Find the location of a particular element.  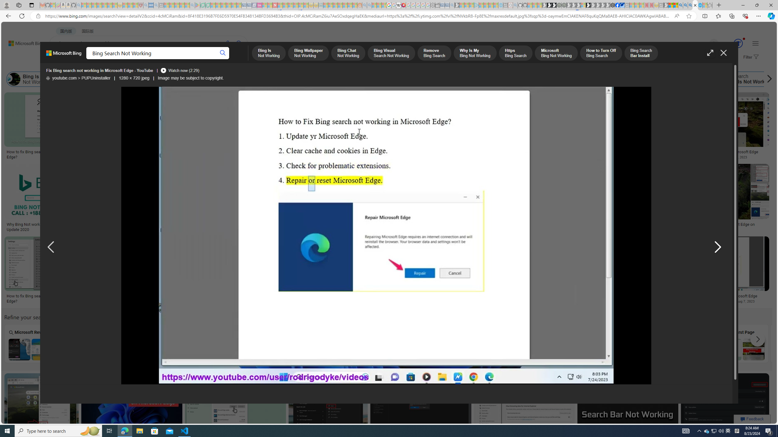

'Microsoft Rewards 84' is located at coordinates (732, 43).